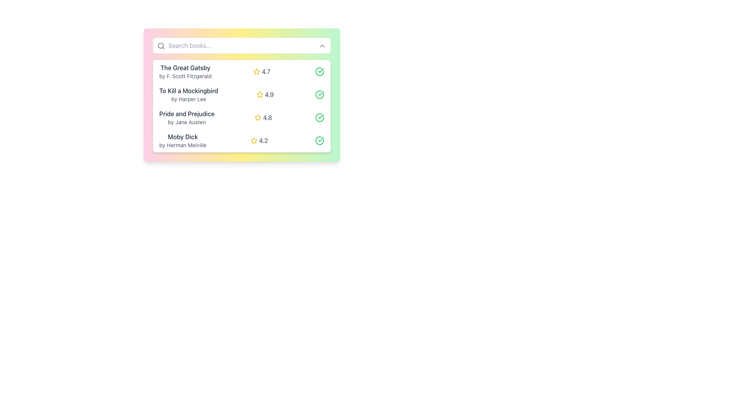 The image size is (737, 414). I want to click on the star rating icon for the book 'To Kill a Mockingbird', which is located immediately to the left of the rating value '4.9' in the list of entries, so click(260, 94).